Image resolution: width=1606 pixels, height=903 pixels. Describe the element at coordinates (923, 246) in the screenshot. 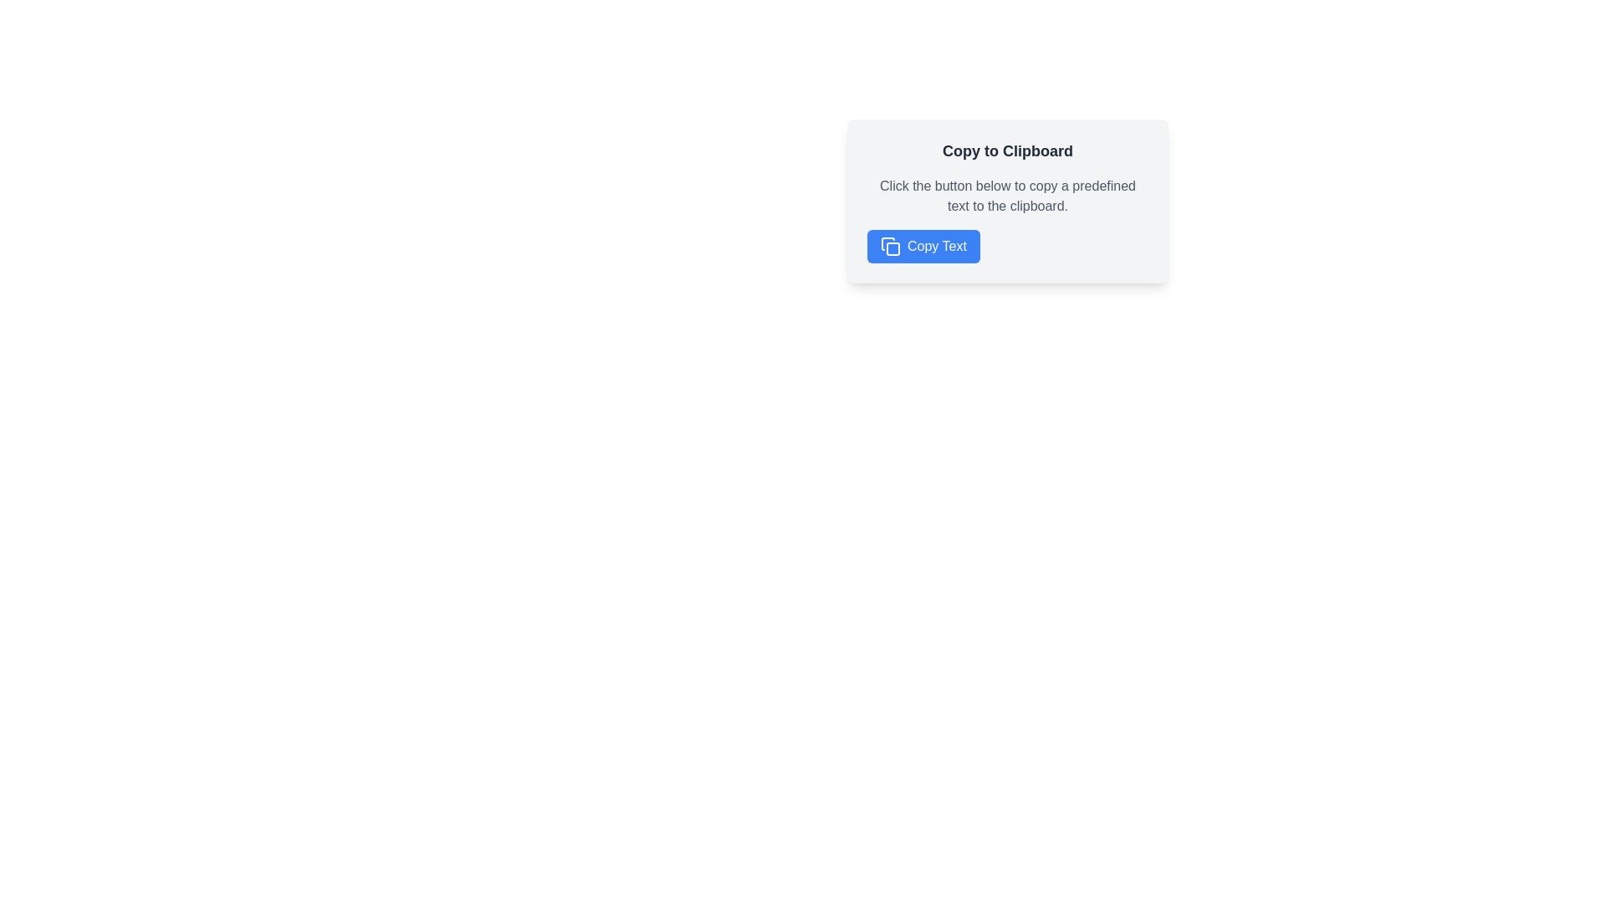

I see `the 'Copy to Clipboard' button located at the bottom center of the card` at that location.